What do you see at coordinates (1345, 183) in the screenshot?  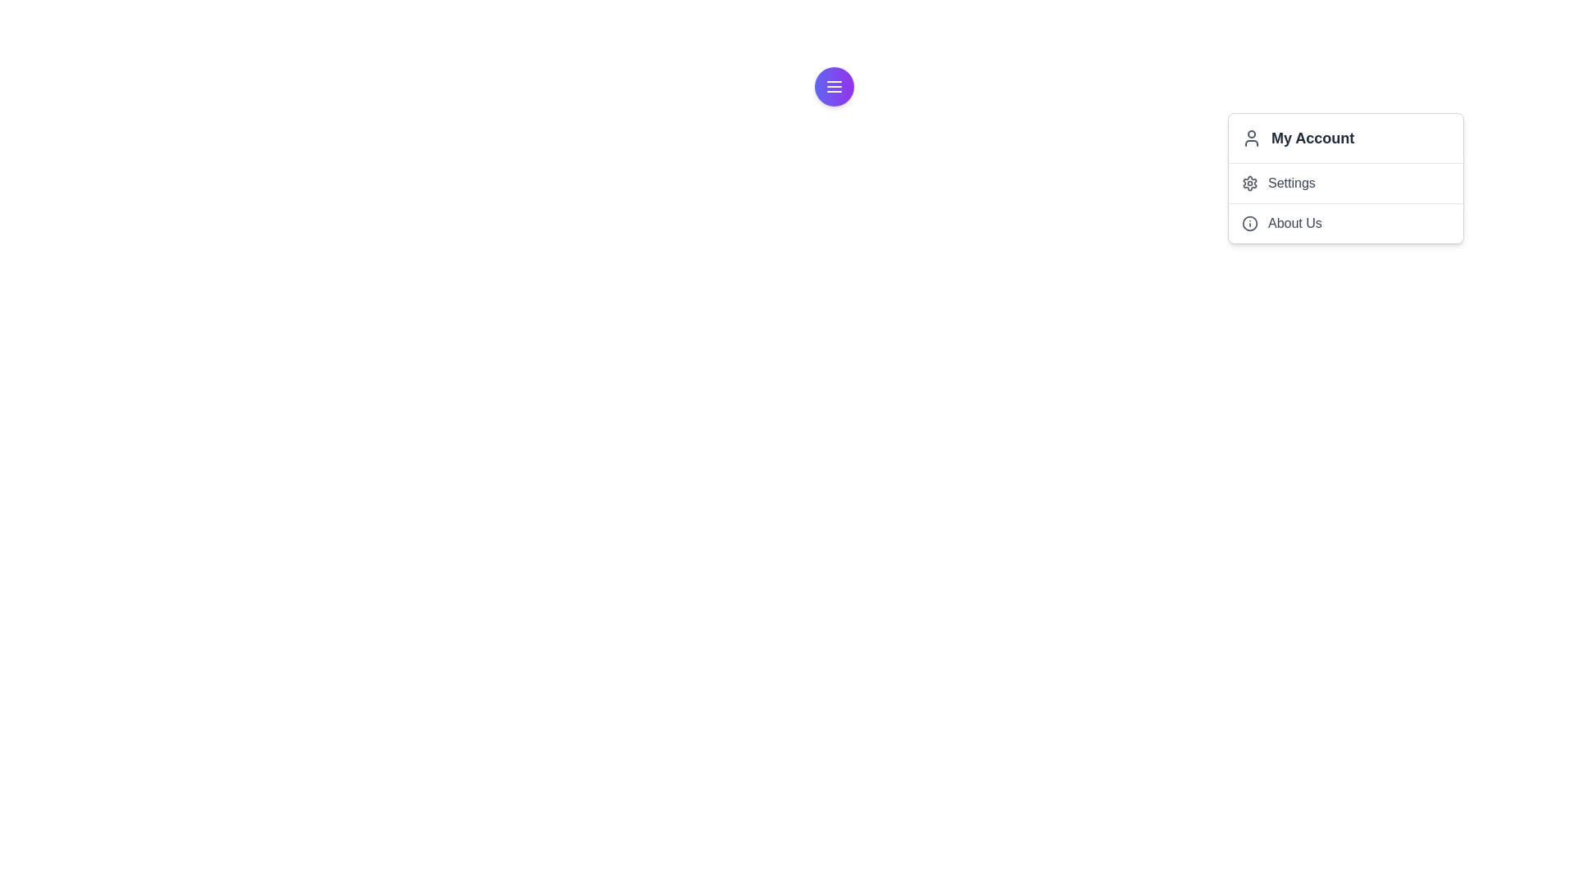 I see `the 'Settings' menu item in the dropdown menu under 'My Account'` at bounding box center [1345, 183].